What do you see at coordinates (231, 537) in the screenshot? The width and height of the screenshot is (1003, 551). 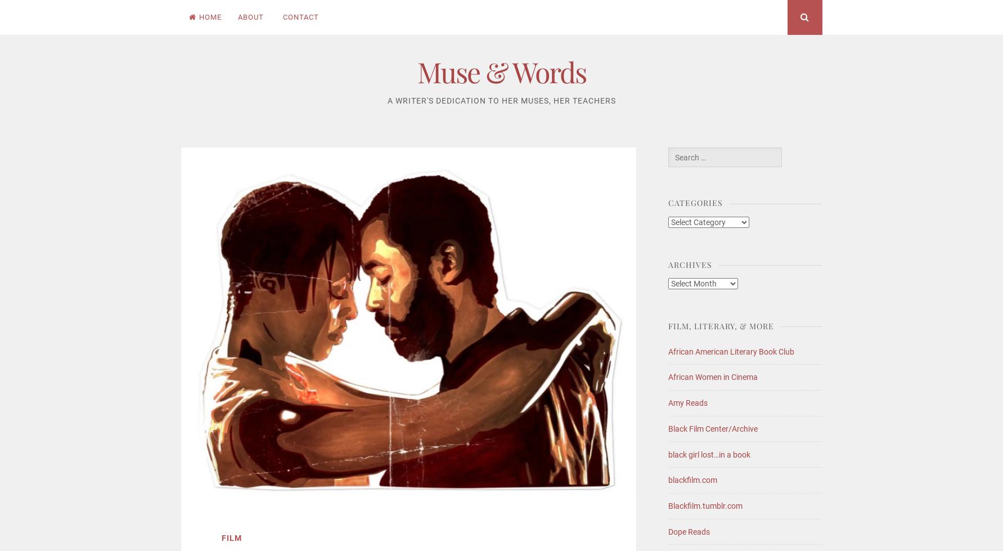 I see `'Film'` at bounding box center [231, 537].